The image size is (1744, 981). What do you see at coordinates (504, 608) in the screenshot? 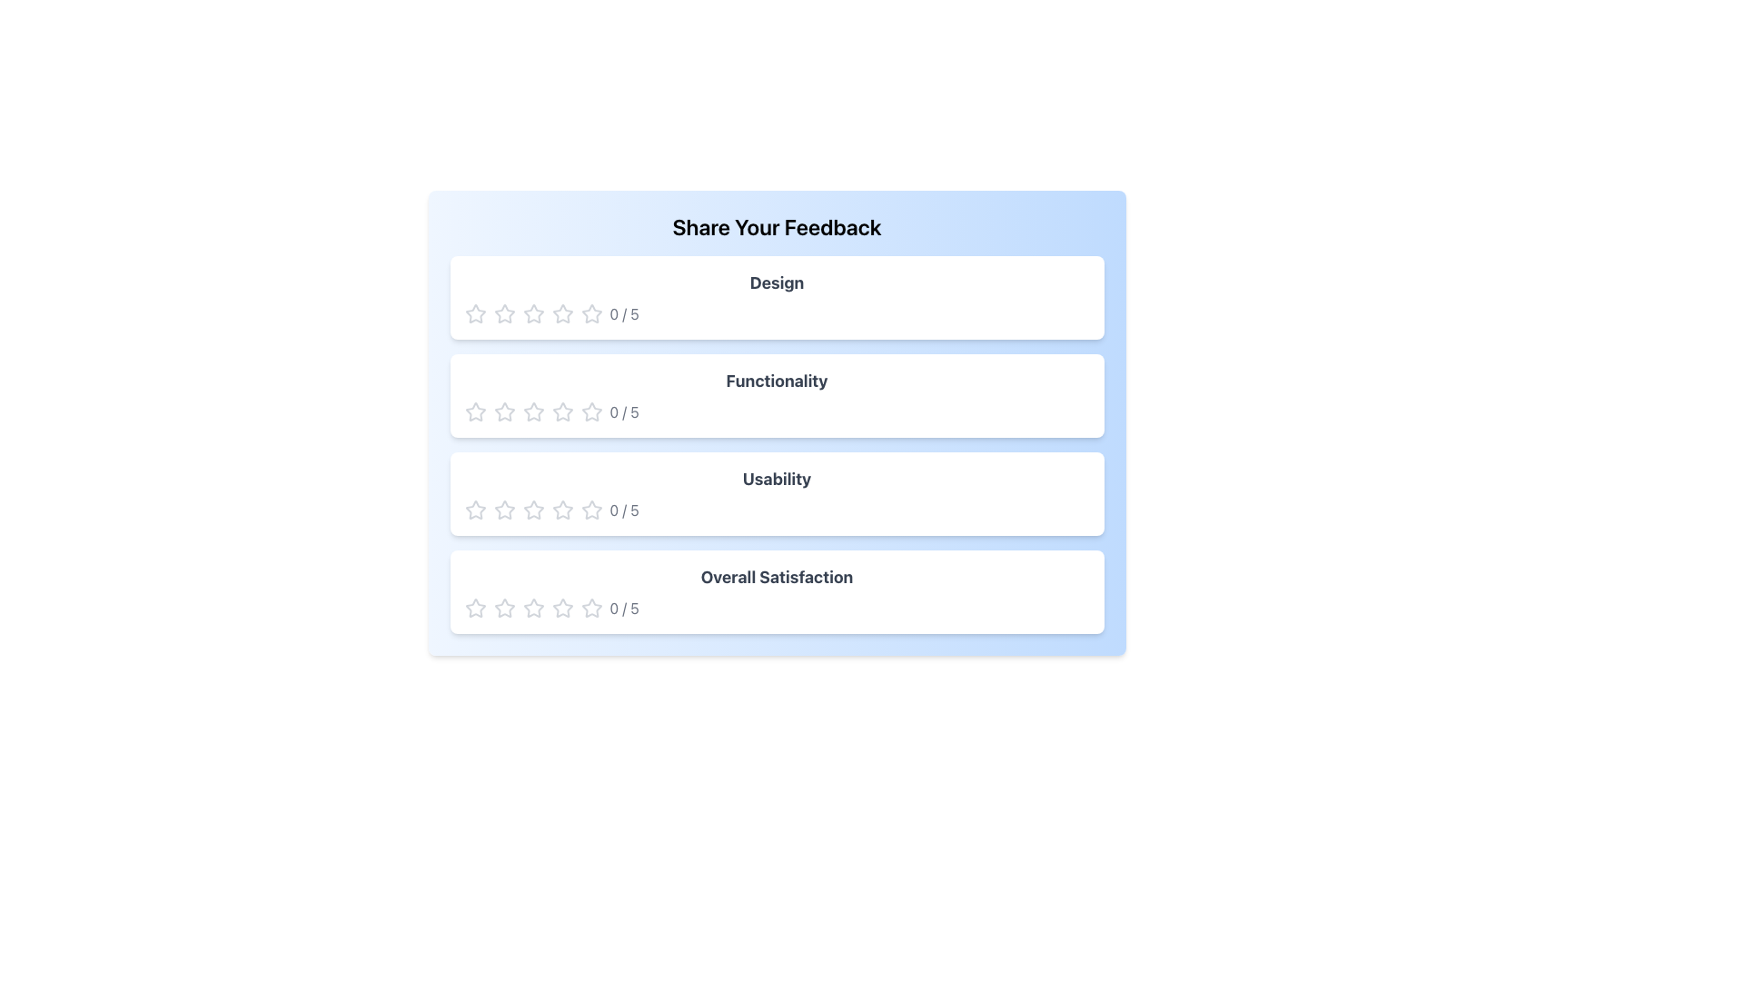
I see `the first star-shaped rating icon, which is an unfilled outline with a transparent center, located below the 'Overall Satisfaction' section` at bounding box center [504, 608].